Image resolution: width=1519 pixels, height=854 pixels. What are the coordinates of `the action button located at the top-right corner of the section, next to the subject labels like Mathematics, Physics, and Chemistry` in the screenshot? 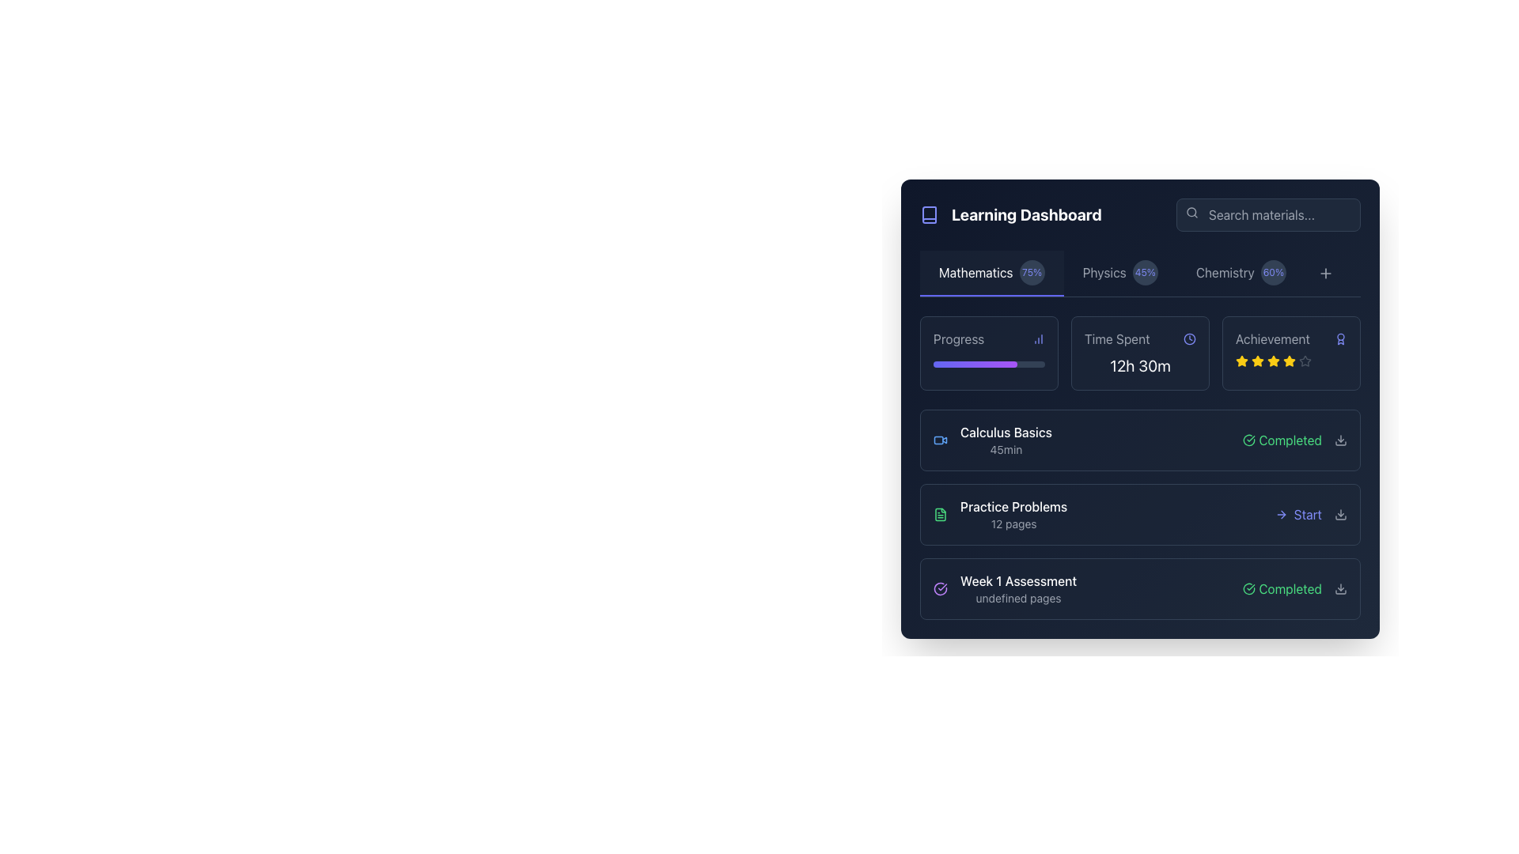 It's located at (1325, 273).